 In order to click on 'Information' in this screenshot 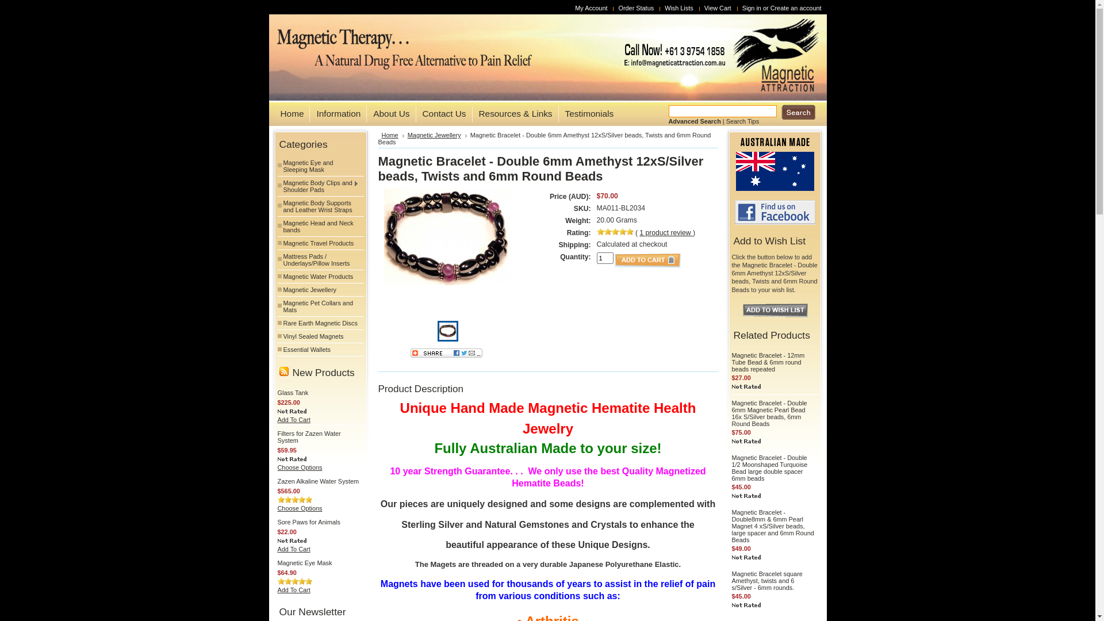, I will do `click(334, 113)`.